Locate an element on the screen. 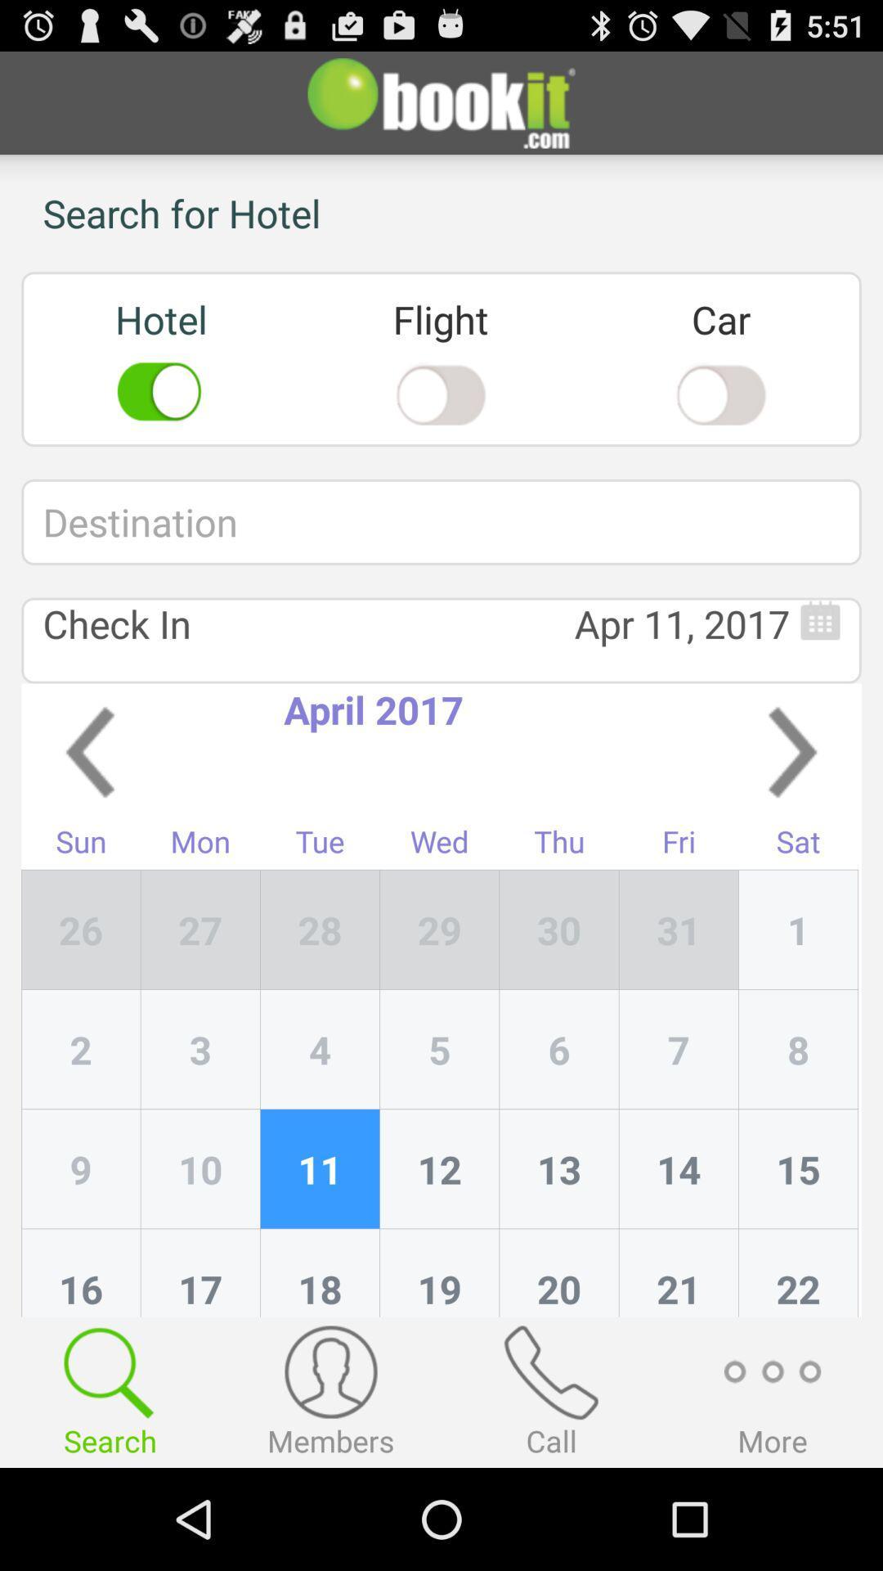 The image size is (883, 1571). 26 item is located at coordinates (81, 930).